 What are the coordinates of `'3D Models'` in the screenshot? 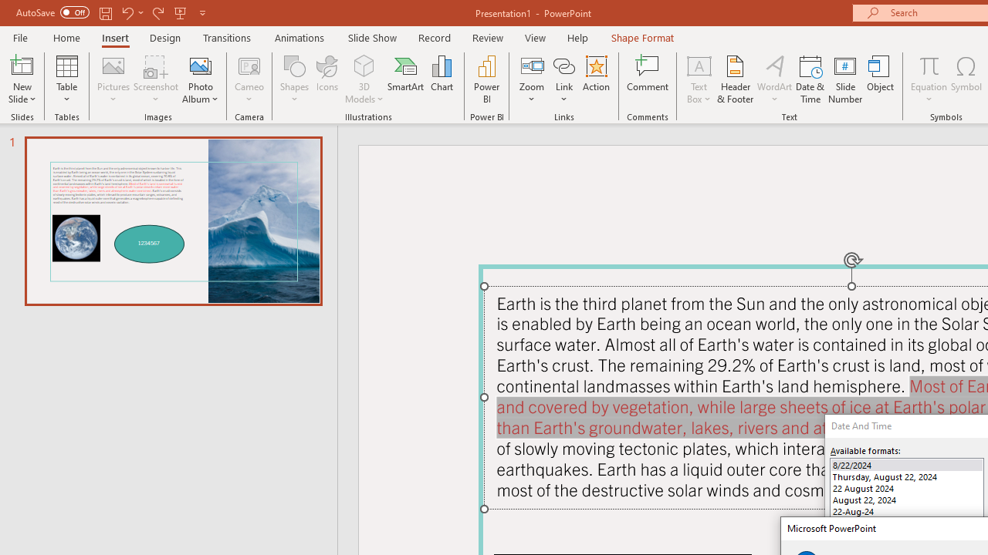 It's located at (364, 79).